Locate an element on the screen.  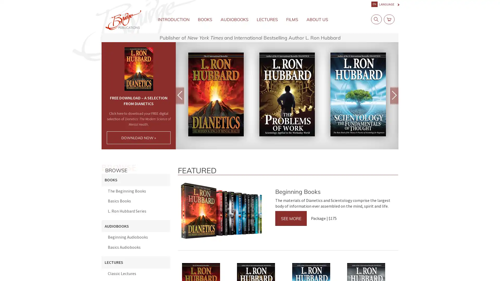
Live chat now is located at coordinates (471, 269).